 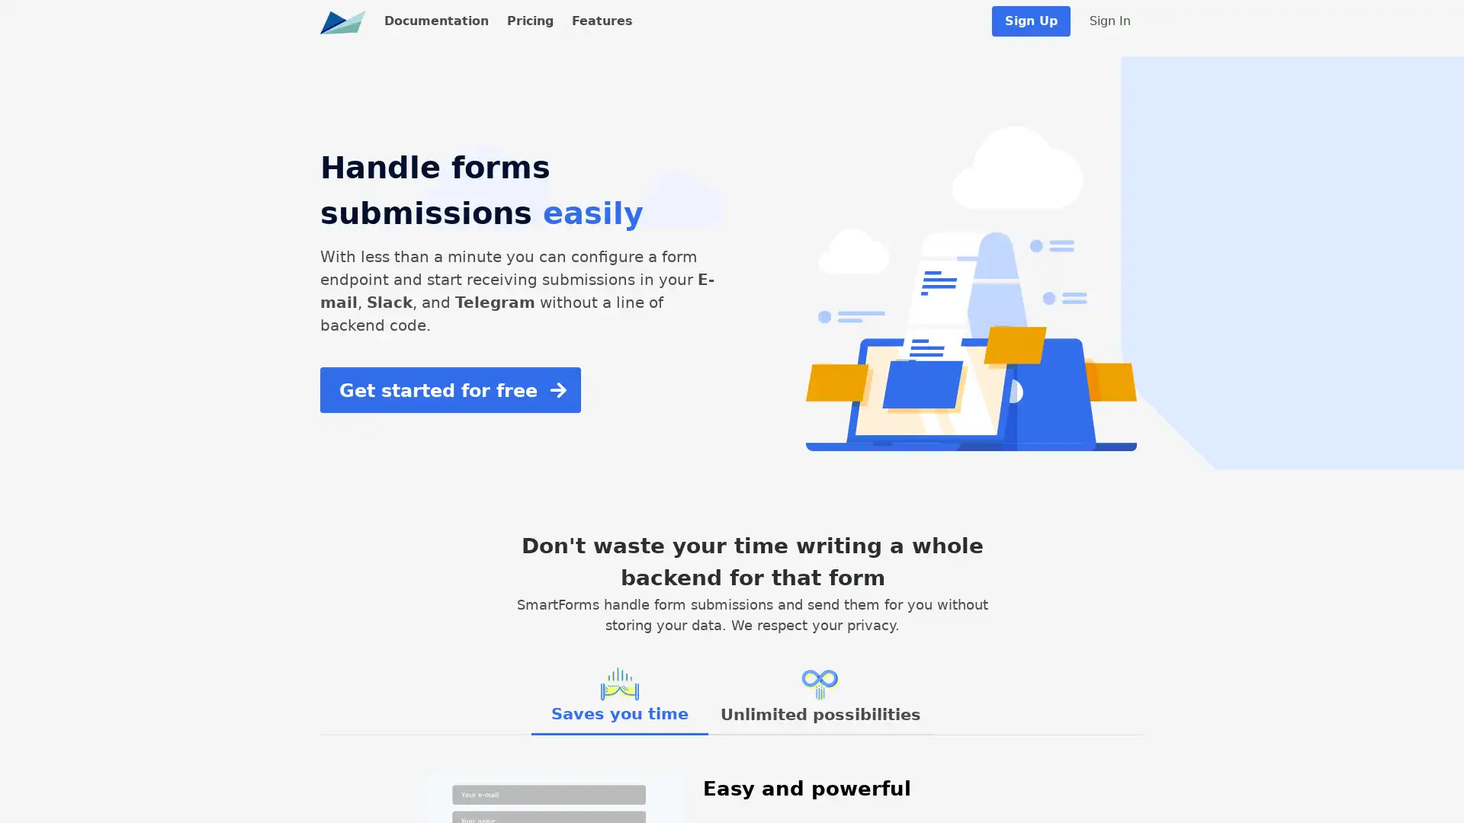 I want to click on Get started for free, so click(x=449, y=389).